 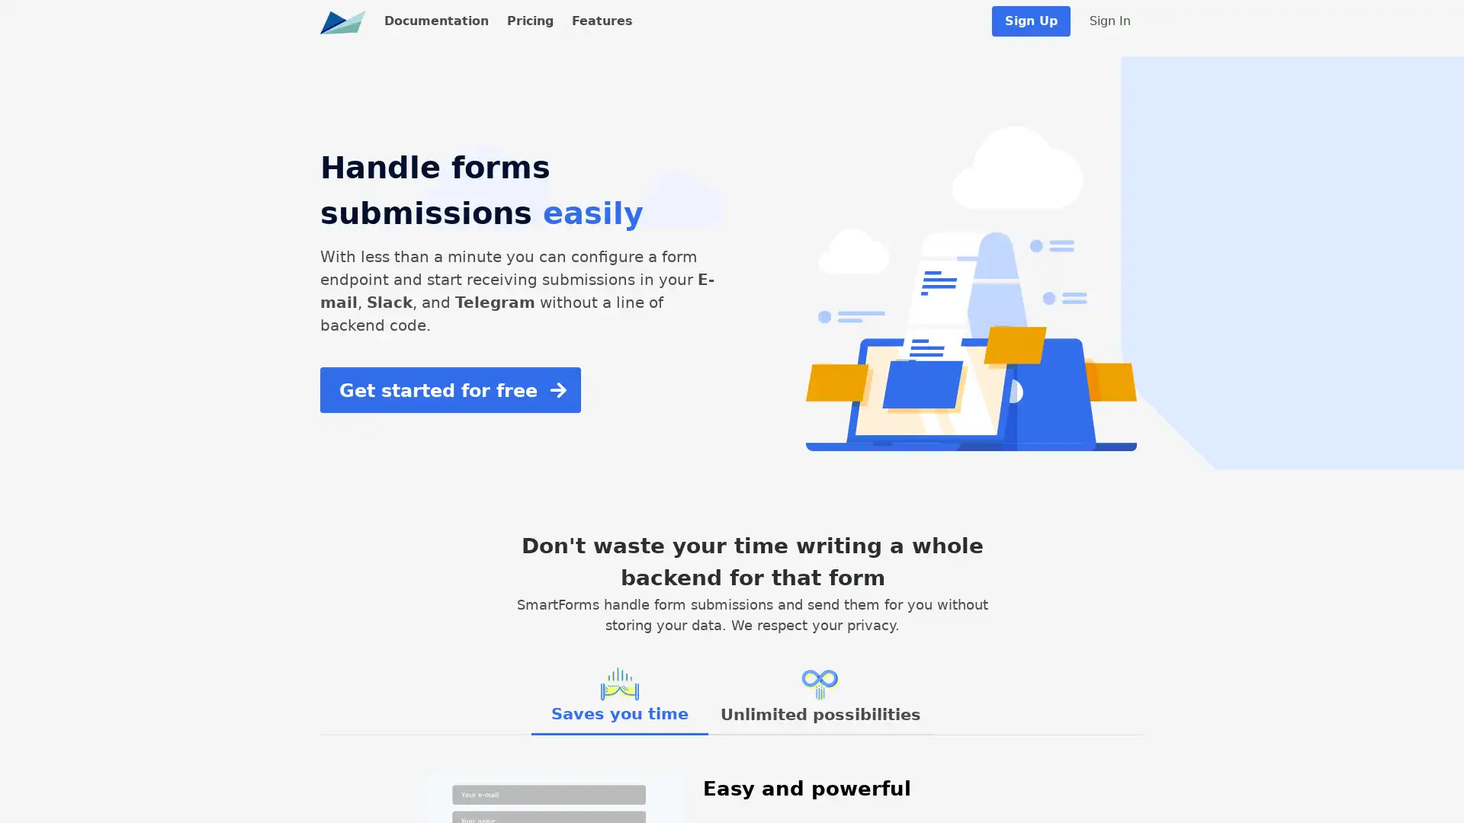 I want to click on Get started for free, so click(x=449, y=389).